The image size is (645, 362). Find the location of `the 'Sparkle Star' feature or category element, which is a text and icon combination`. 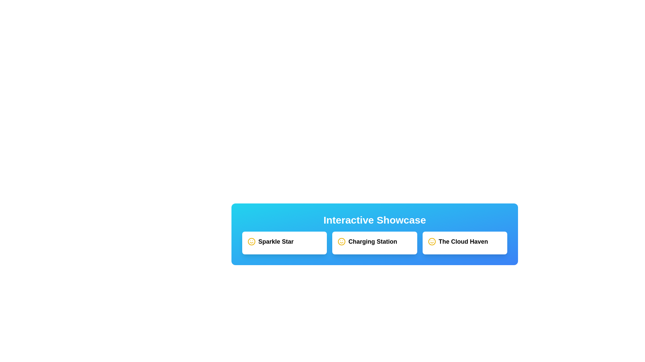

the 'Sparkle Star' feature or category element, which is a text and icon combination is located at coordinates (285, 242).